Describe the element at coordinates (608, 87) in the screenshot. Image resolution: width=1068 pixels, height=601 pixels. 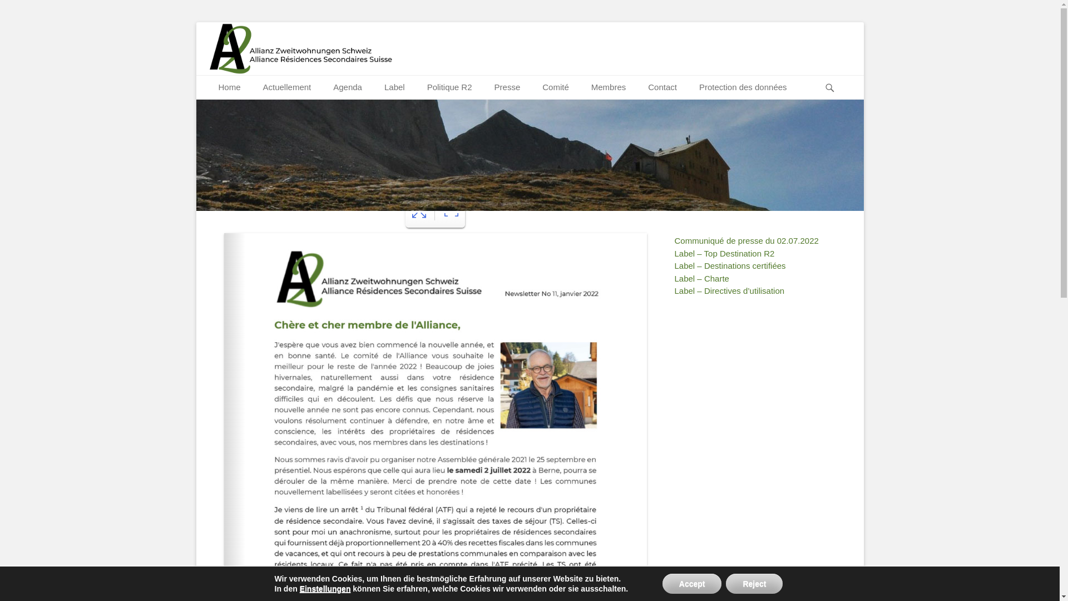
I see `'Membres'` at that location.